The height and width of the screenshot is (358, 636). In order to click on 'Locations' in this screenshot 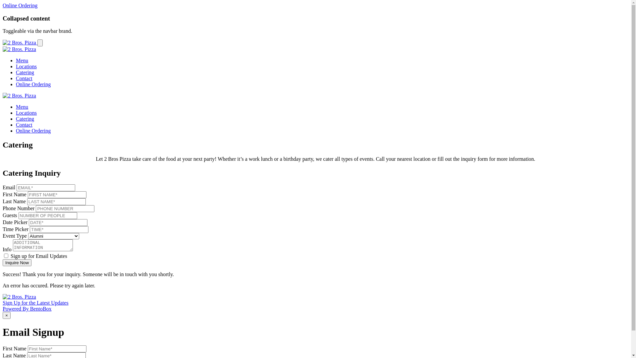, I will do `click(16, 112)`.